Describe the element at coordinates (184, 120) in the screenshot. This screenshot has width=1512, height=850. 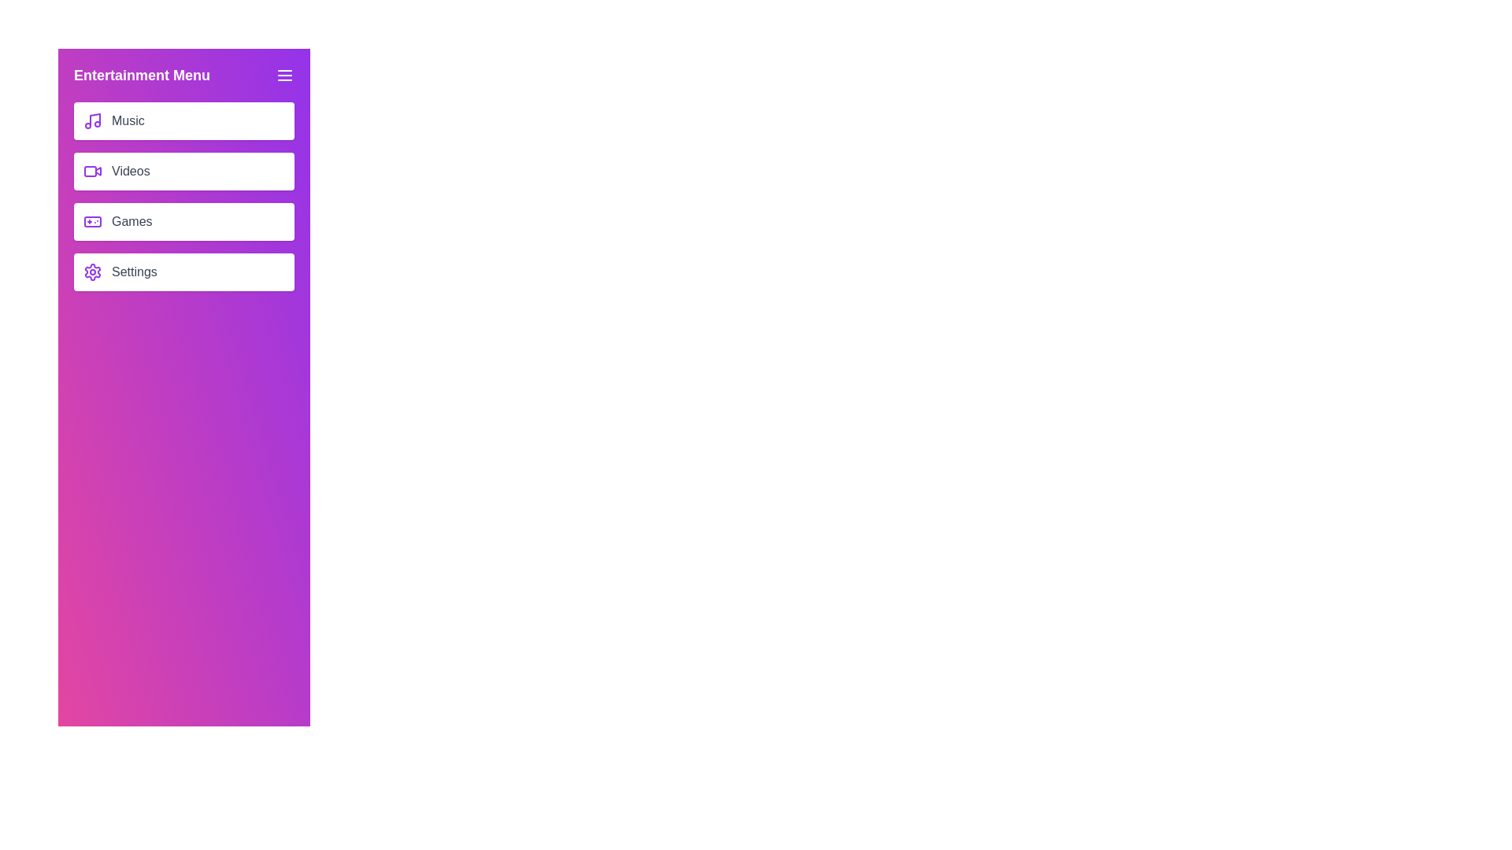
I see `the 'Music' button to select it` at that location.